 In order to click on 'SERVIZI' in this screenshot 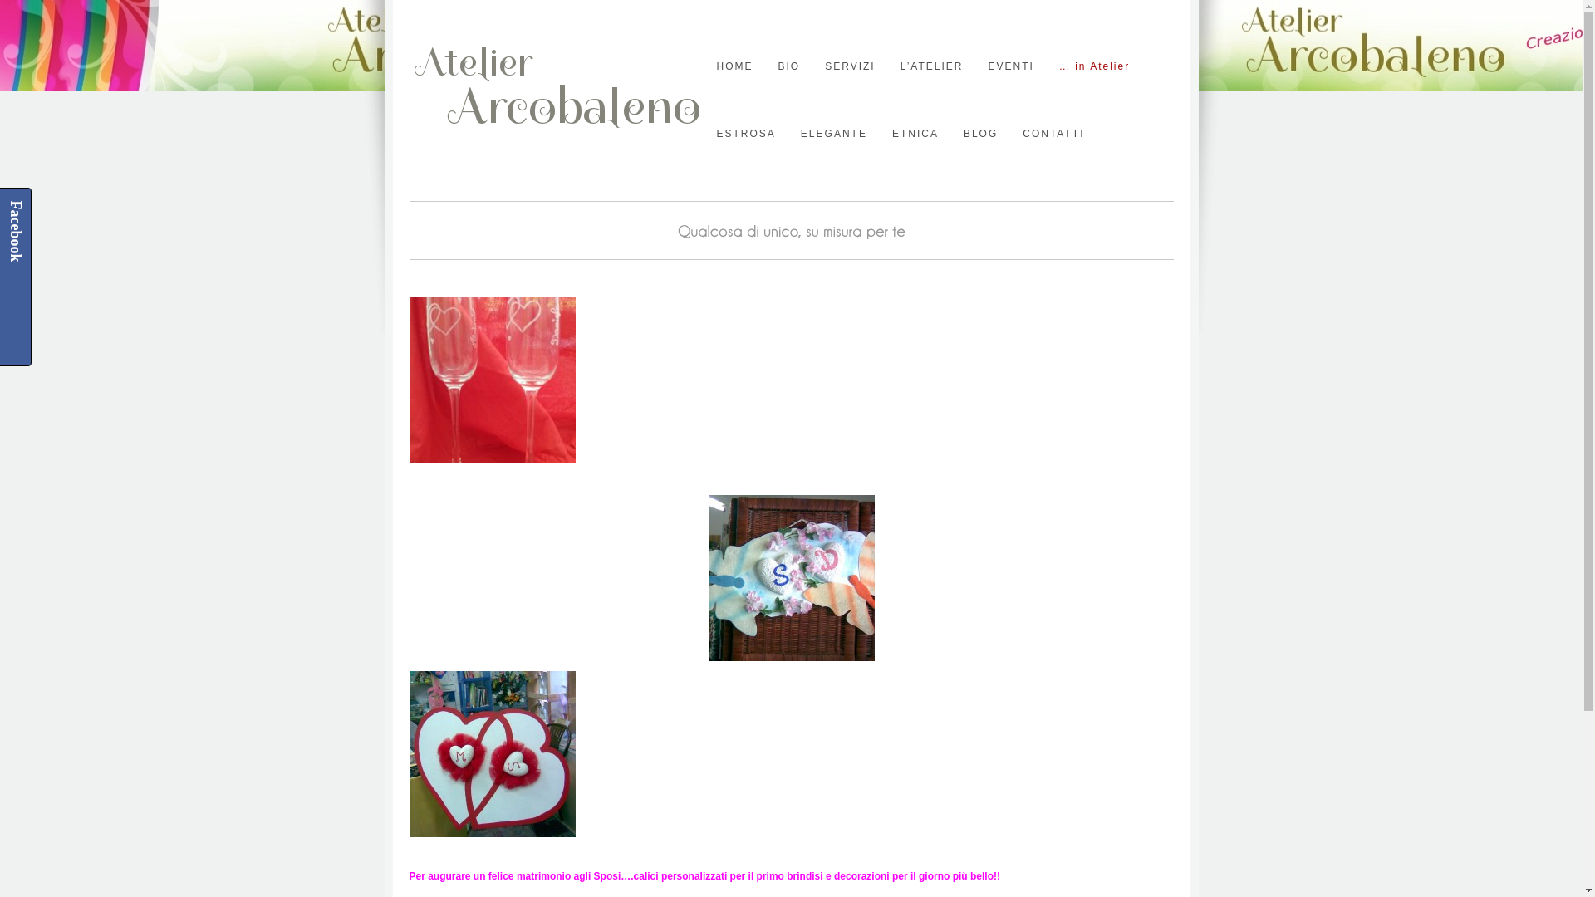, I will do `click(825, 66)`.